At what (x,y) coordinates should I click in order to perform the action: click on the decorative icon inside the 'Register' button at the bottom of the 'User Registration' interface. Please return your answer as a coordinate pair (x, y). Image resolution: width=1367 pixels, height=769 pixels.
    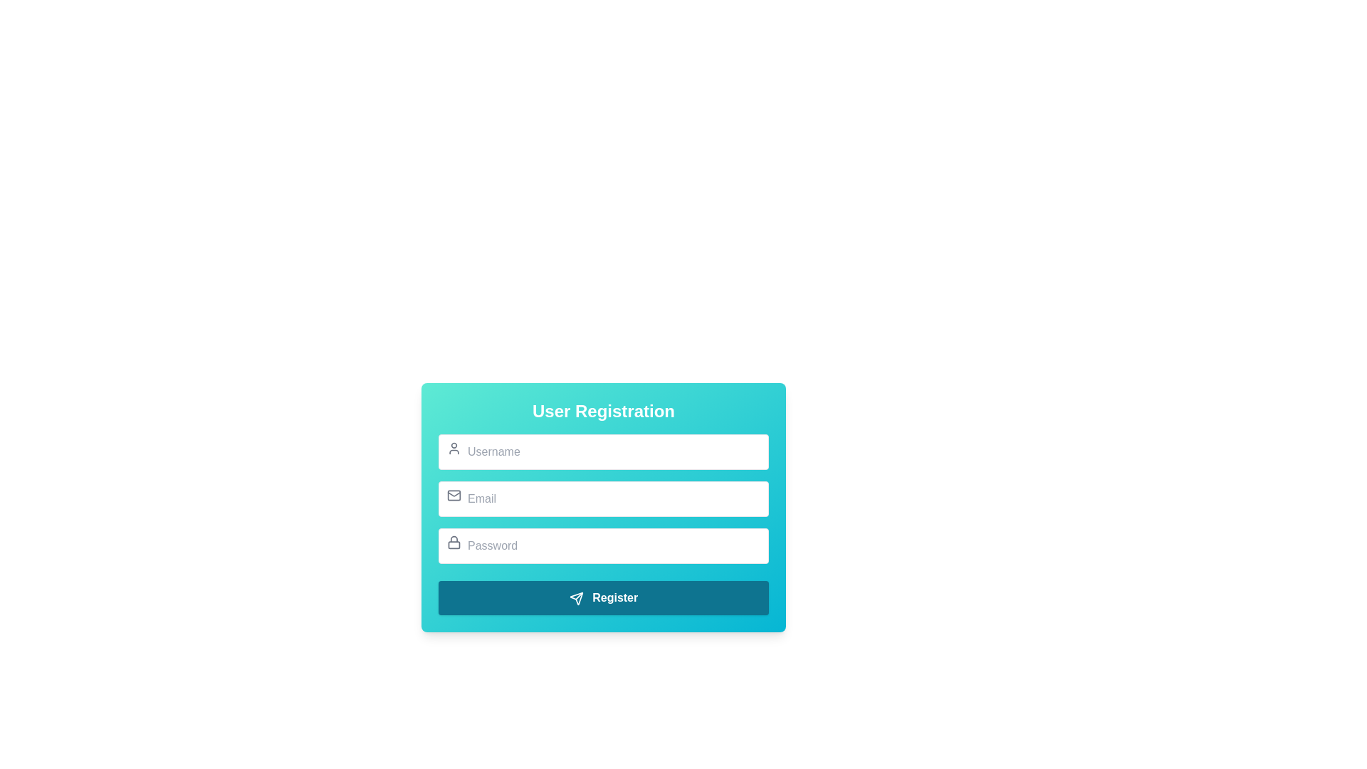
    Looking at the image, I should click on (576, 598).